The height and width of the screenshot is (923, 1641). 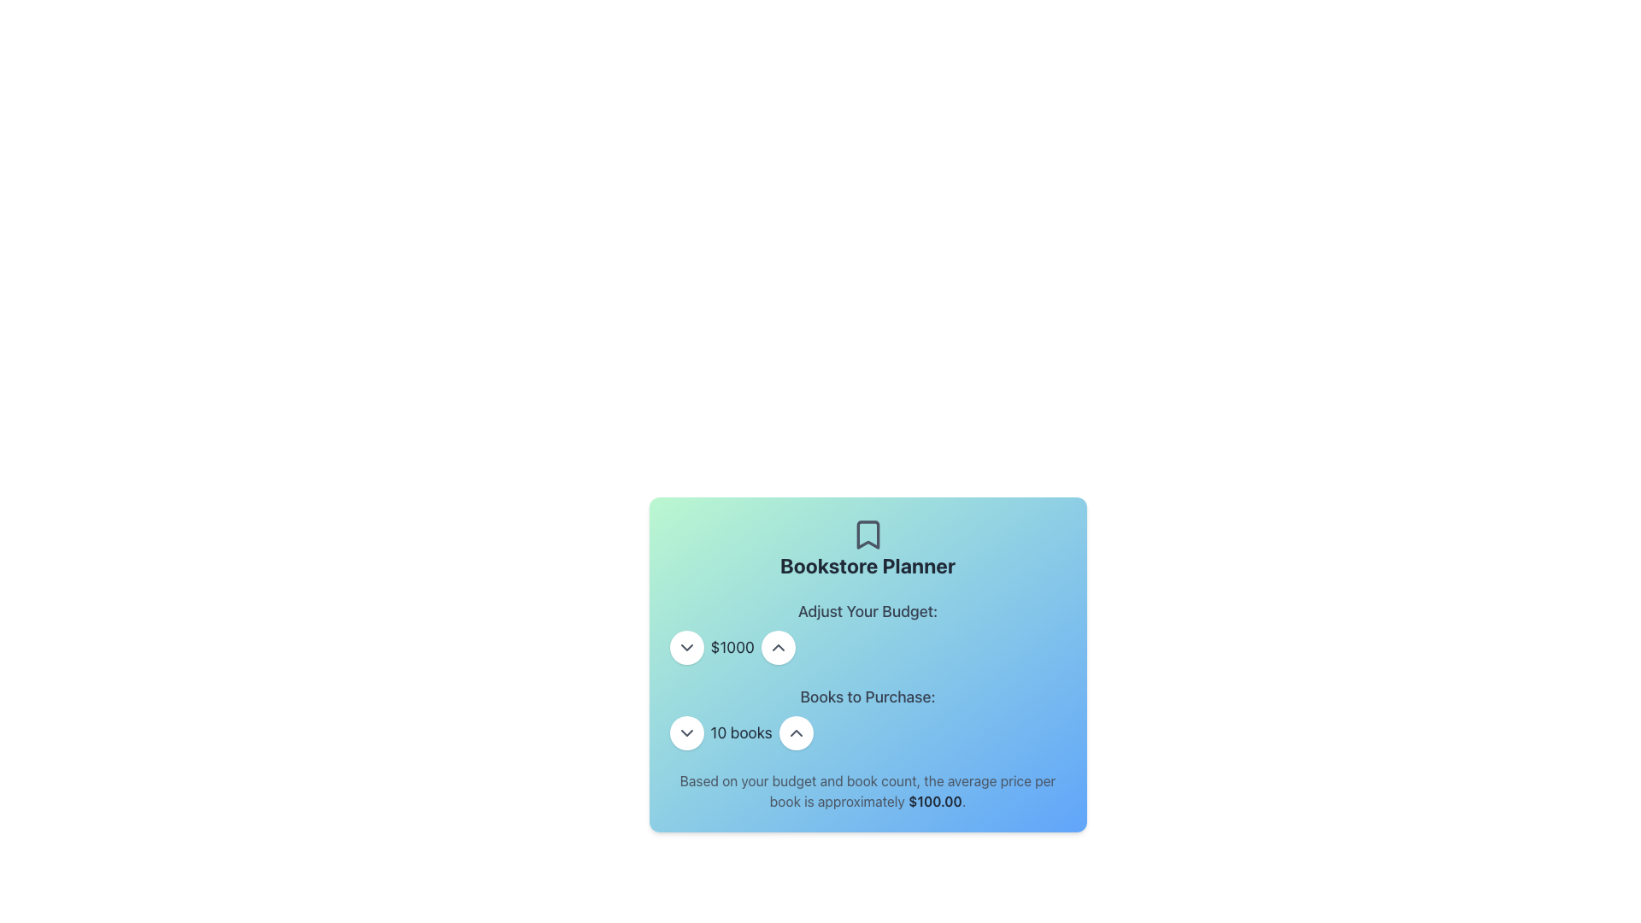 What do you see at coordinates (686, 648) in the screenshot?
I see `the downward arrow button that decreases the budget value, located to the left of the text '$1000', to trigger a visual hover effect` at bounding box center [686, 648].